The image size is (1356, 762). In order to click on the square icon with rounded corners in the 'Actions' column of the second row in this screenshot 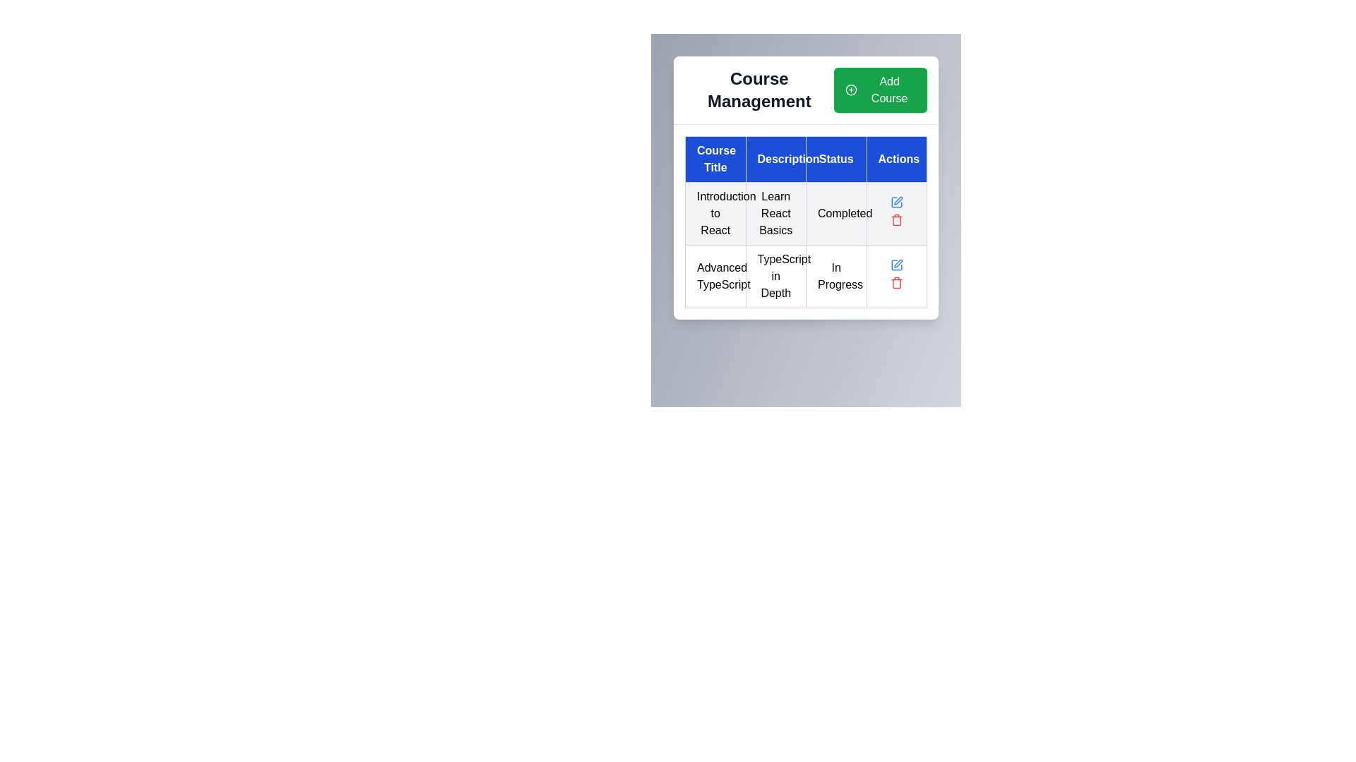, I will do `click(896, 202)`.